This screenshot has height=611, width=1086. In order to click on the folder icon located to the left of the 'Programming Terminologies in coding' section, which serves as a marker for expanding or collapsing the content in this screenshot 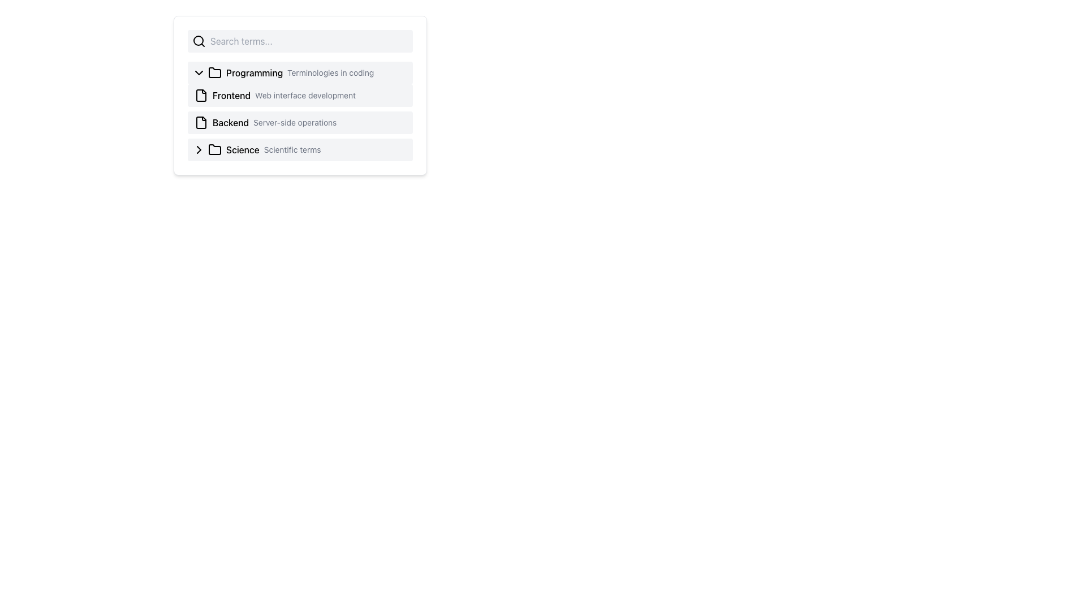, I will do `click(214, 72)`.